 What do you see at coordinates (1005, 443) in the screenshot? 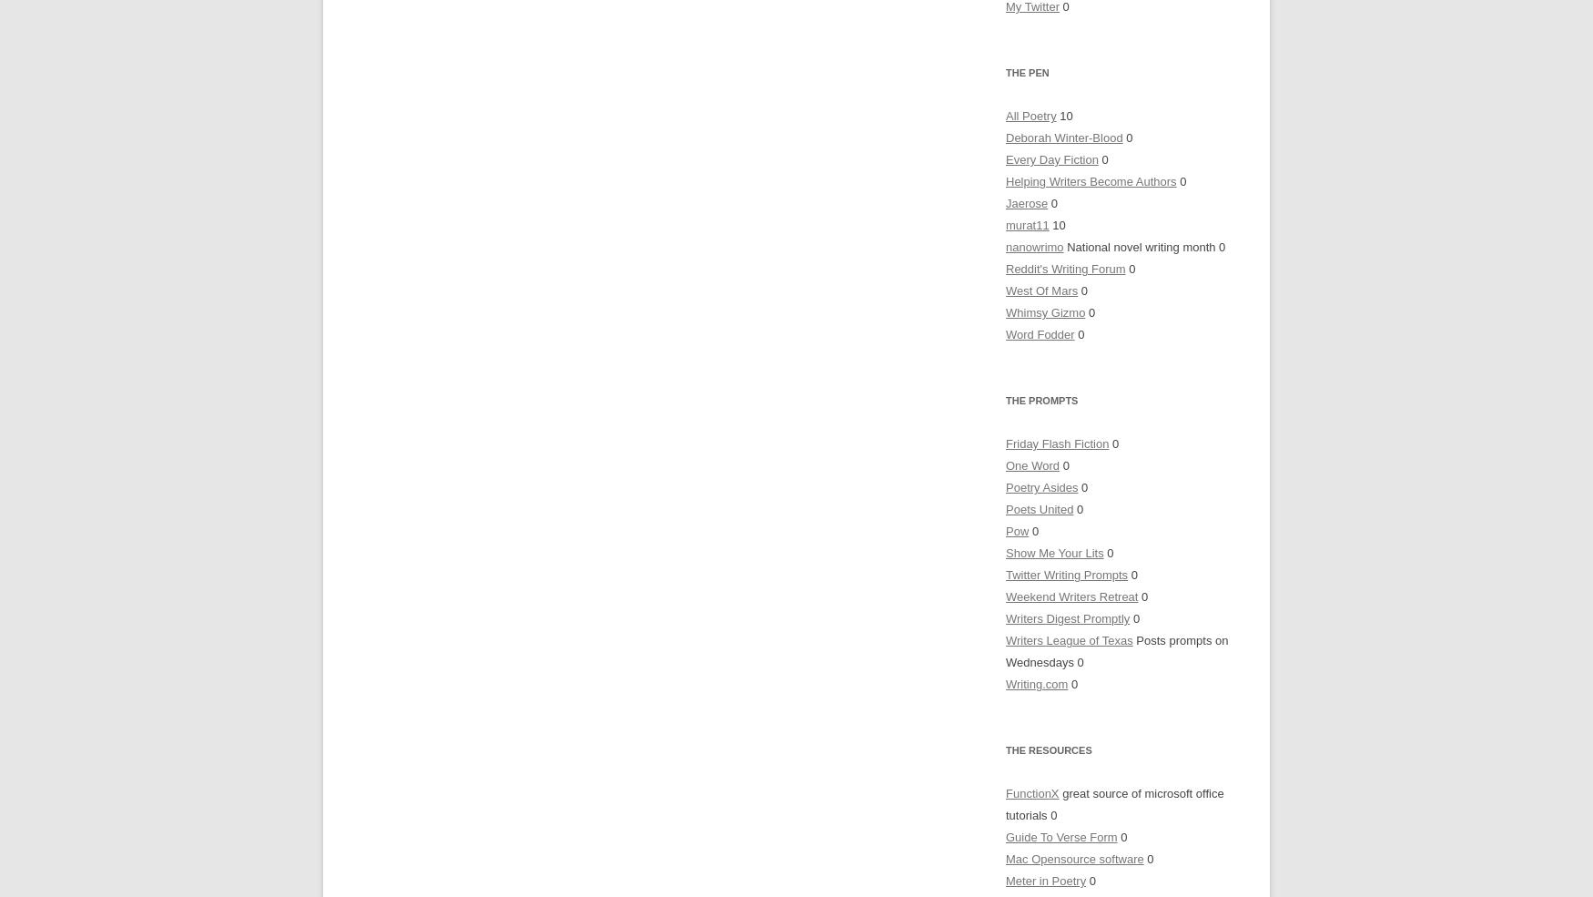
I see `'Friday Flash Fiction'` at bounding box center [1005, 443].